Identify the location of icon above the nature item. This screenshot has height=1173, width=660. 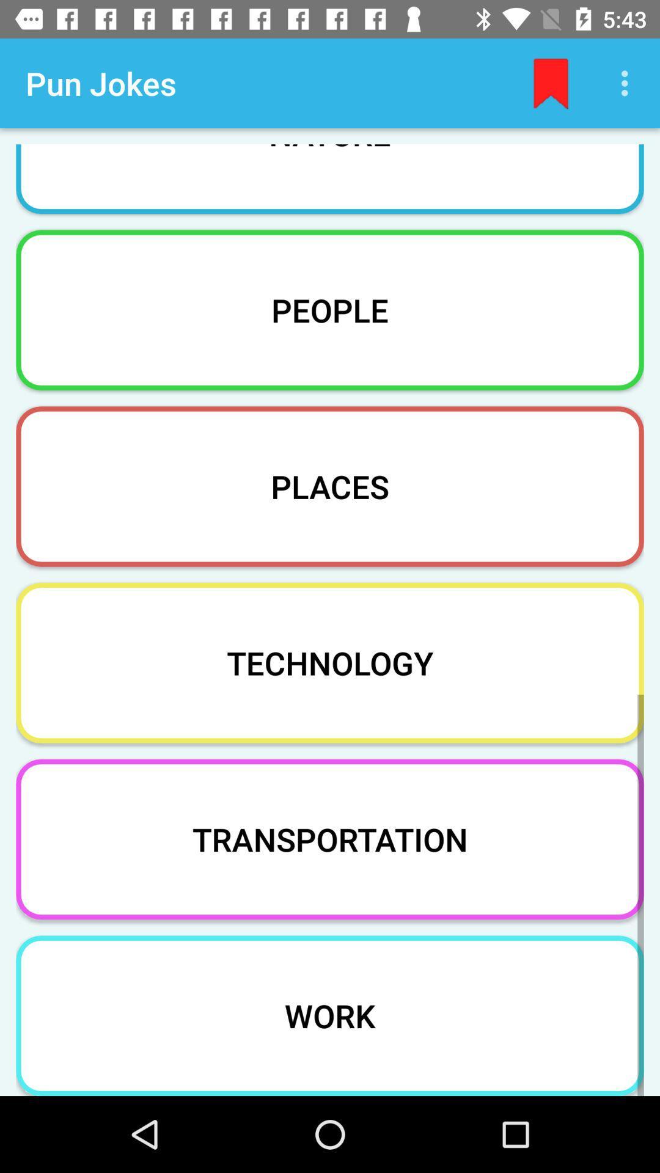
(551, 82).